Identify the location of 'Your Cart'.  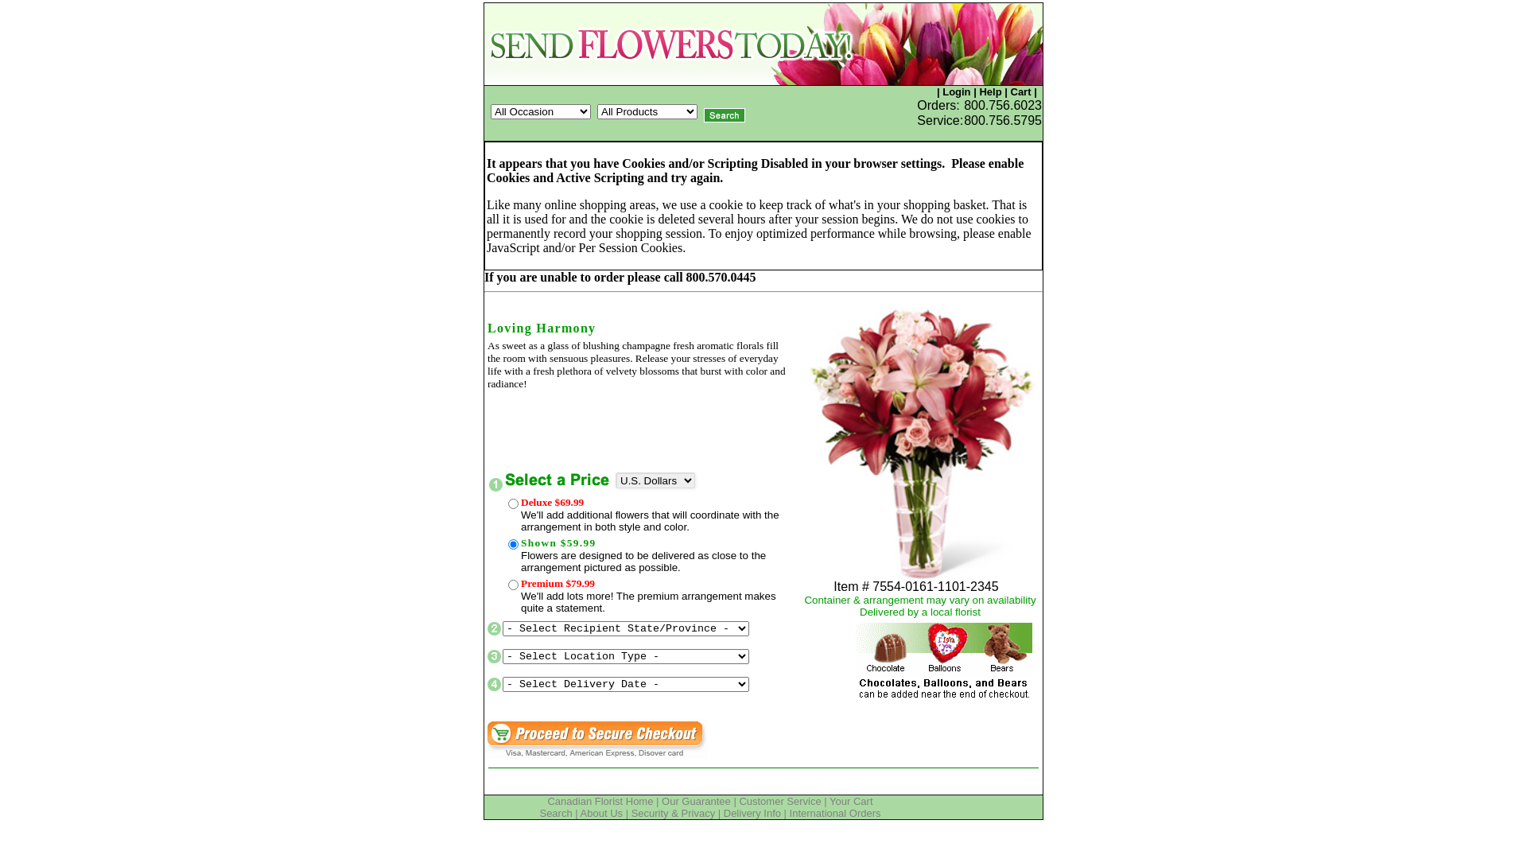
(850, 801).